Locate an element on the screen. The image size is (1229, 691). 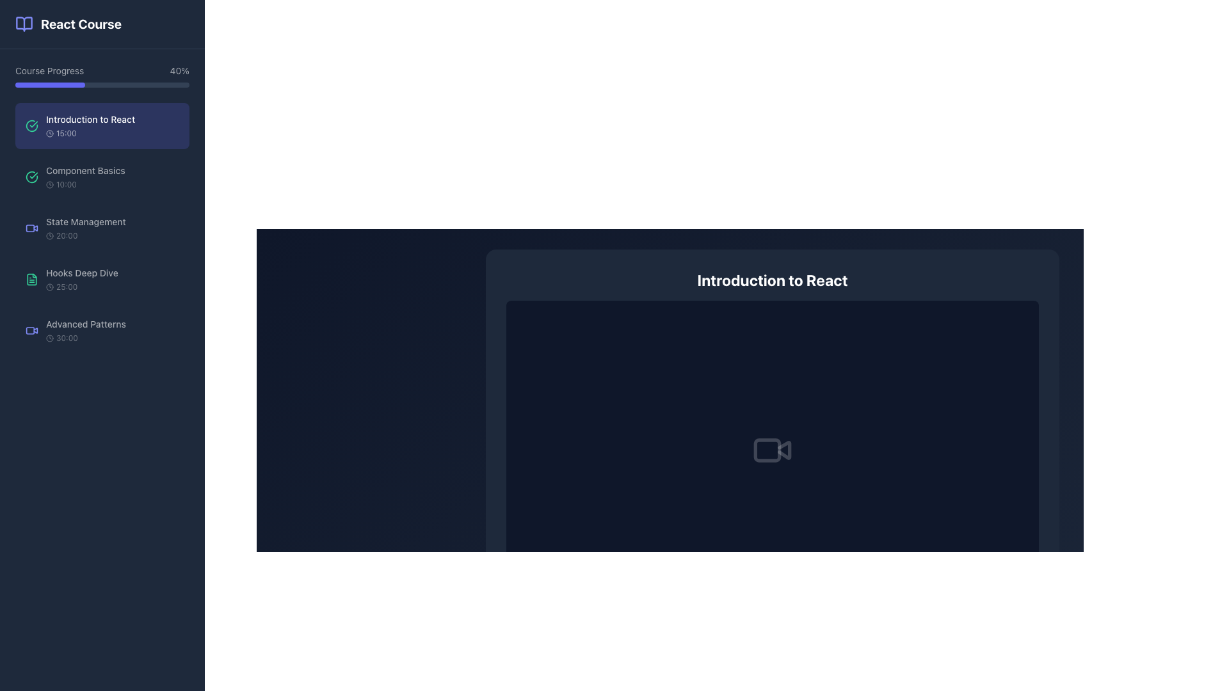
the Progress indicator that visually represents the course completion at approximately 40%, located in the 'Course Progress' section near the top-left side of the interface is located at coordinates (50, 84).